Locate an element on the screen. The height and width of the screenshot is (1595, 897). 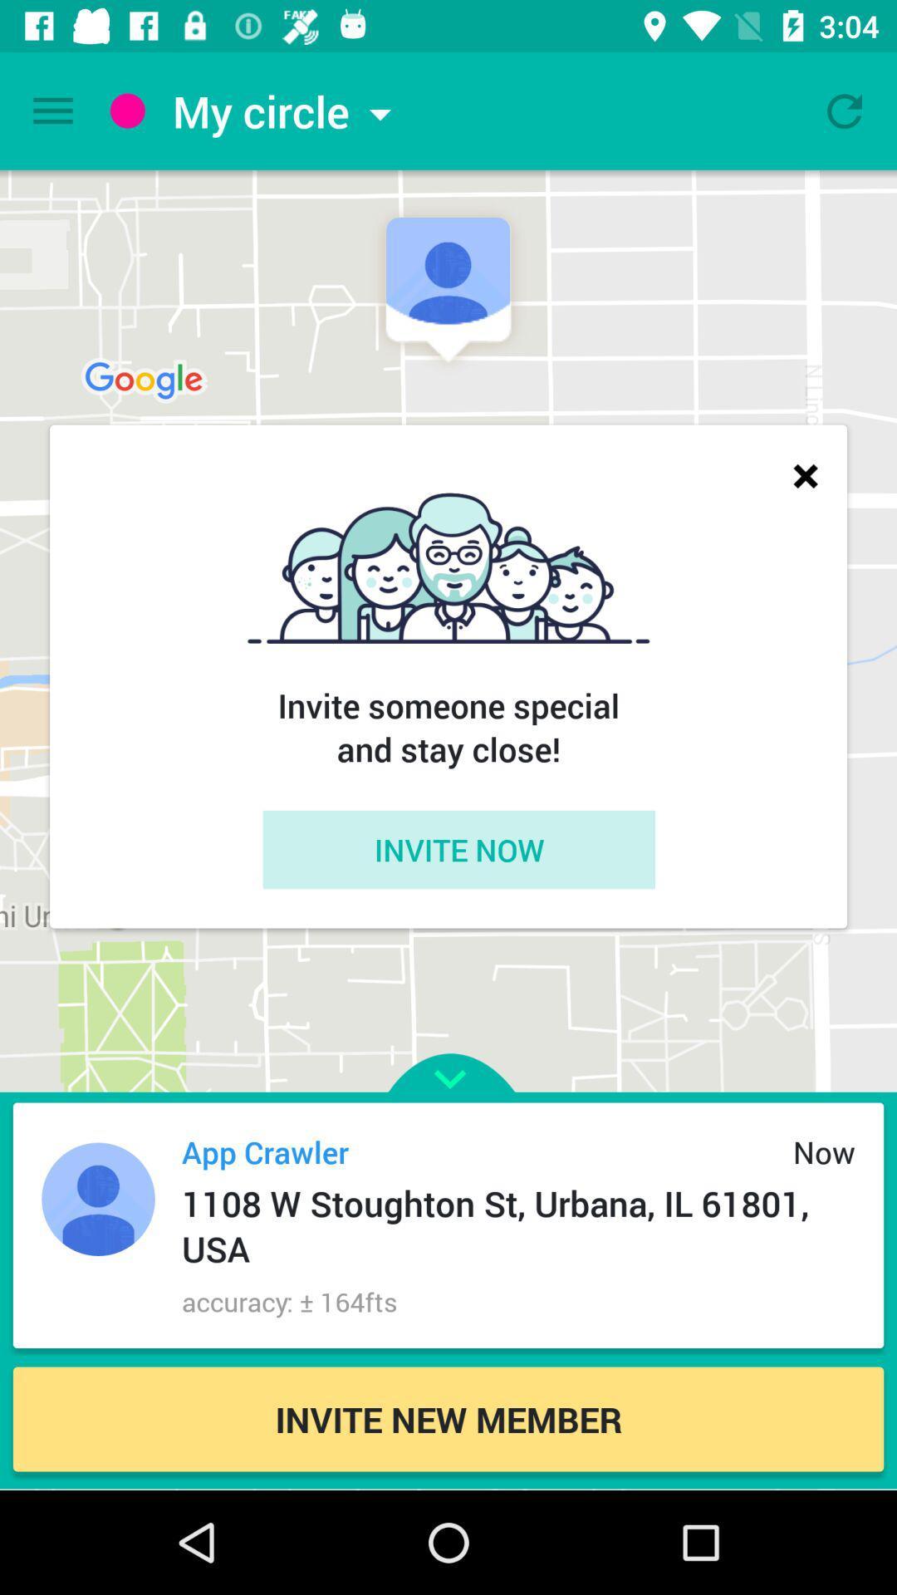
cloes is located at coordinates (804, 474).